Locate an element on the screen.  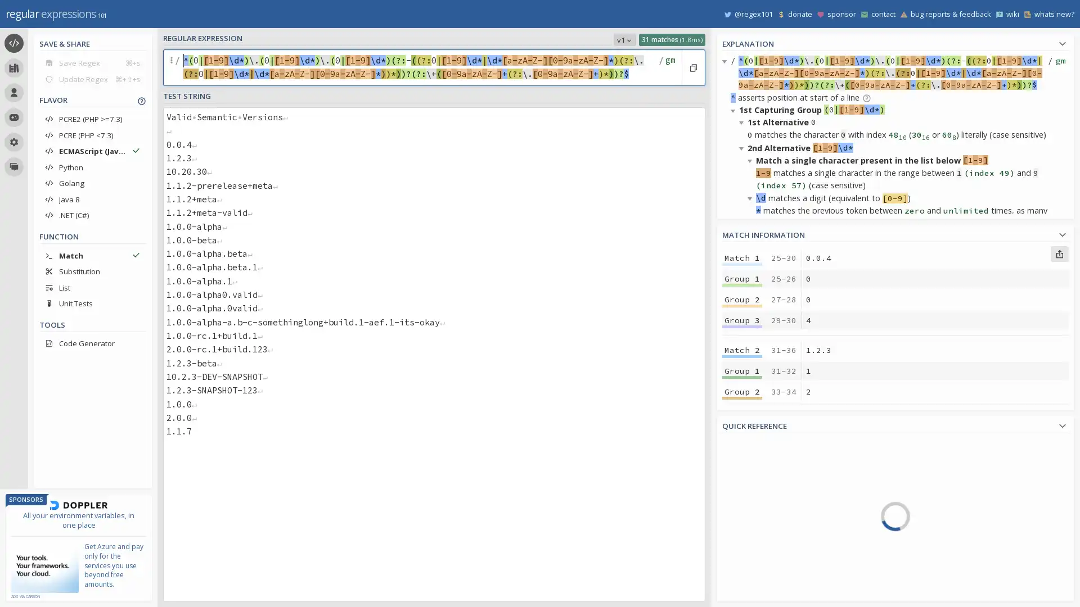
Java 8 is located at coordinates (92, 198).